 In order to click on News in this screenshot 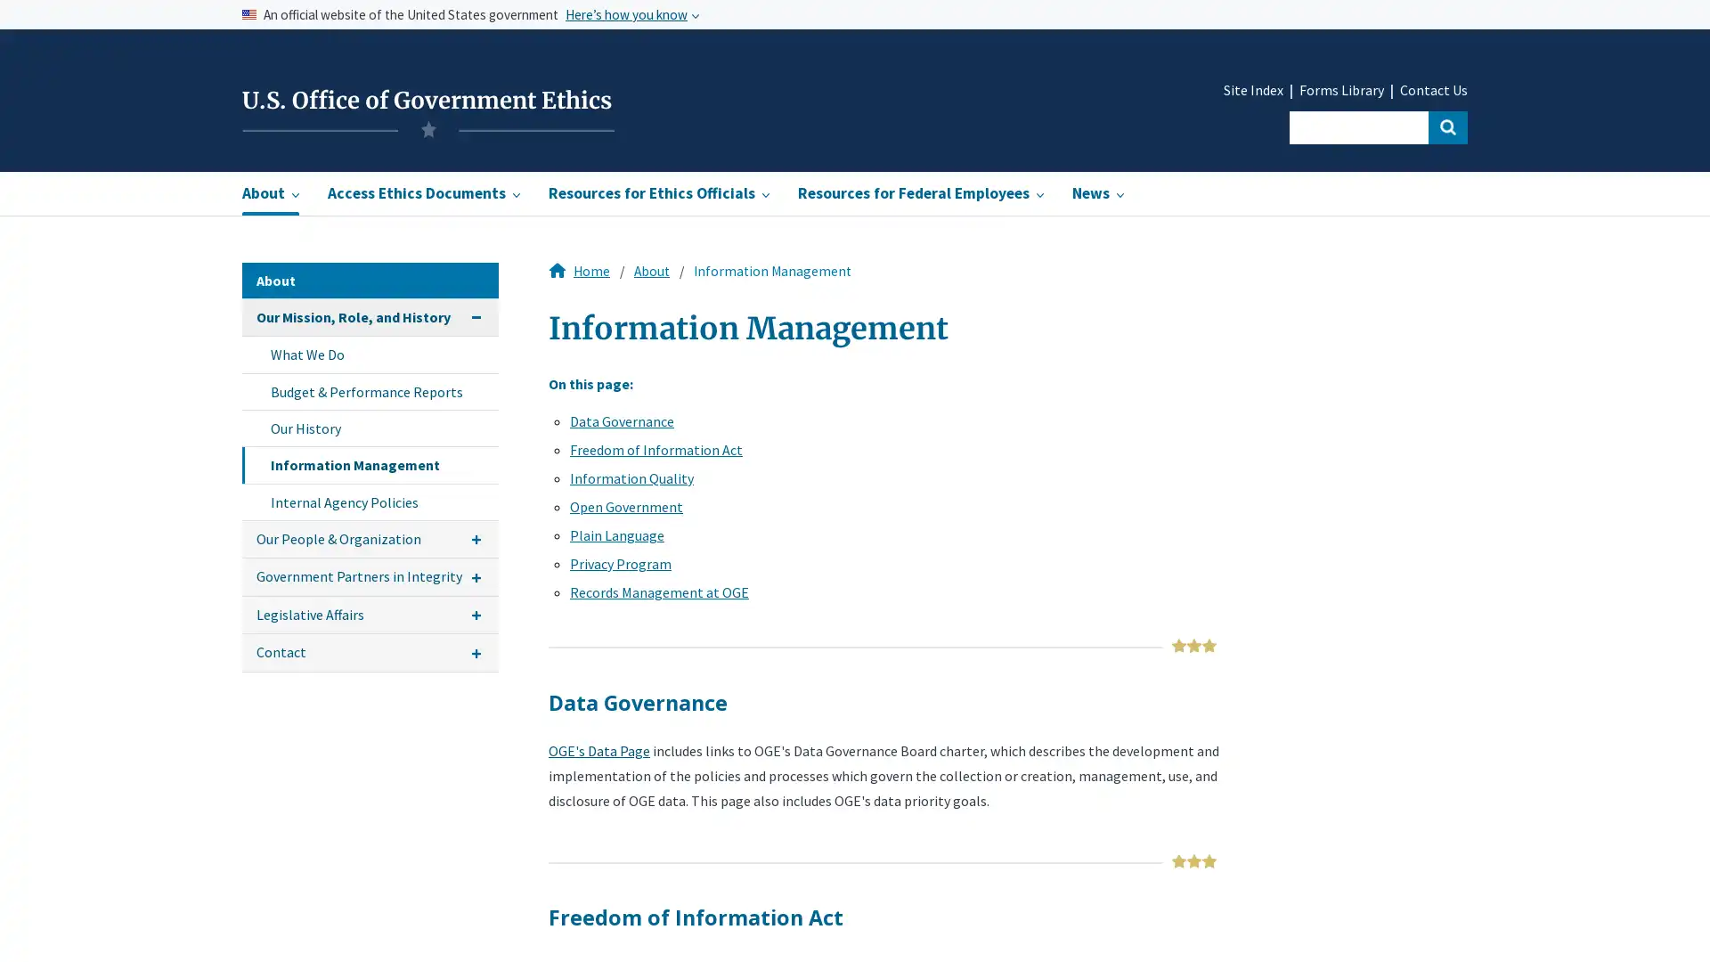, I will do `click(1097, 192)`.